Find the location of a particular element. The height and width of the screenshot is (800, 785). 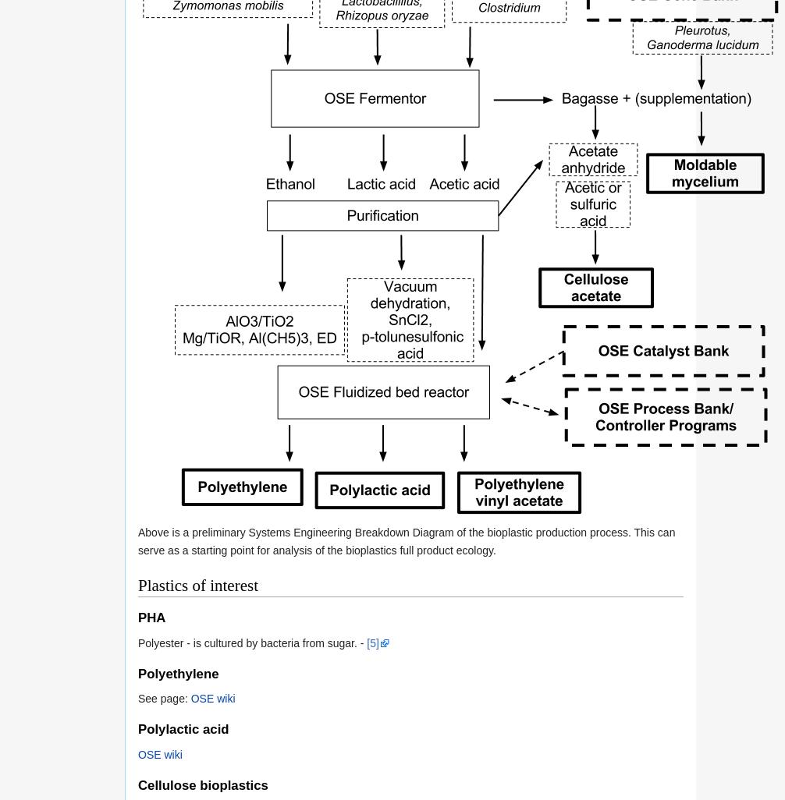

'[5]' is located at coordinates (371, 642).